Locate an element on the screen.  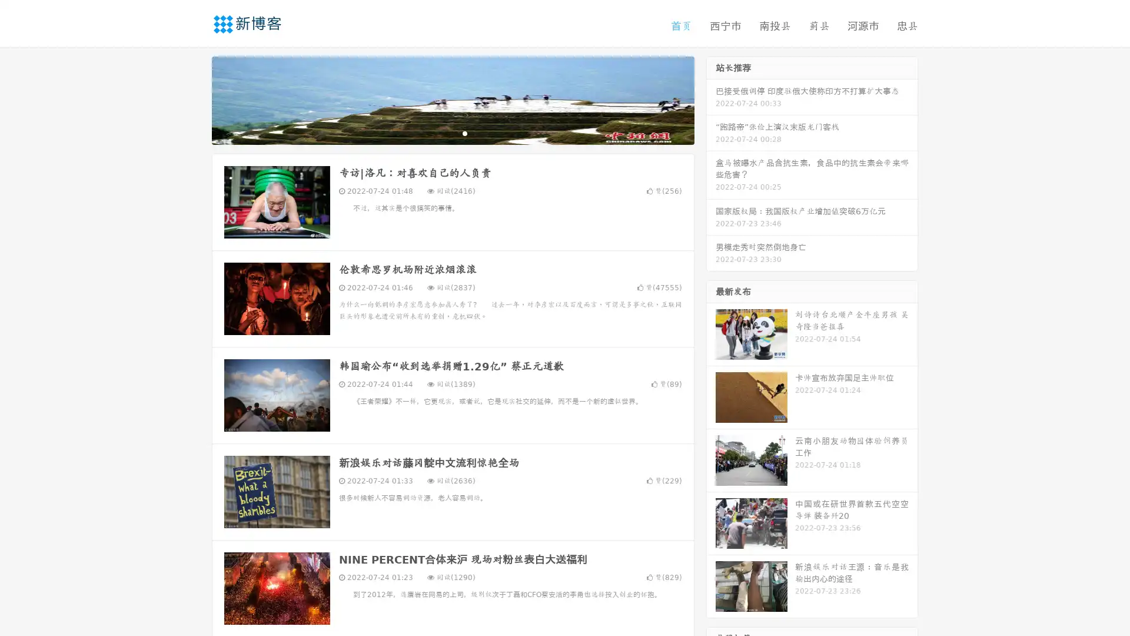
Previous slide is located at coordinates (194, 99).